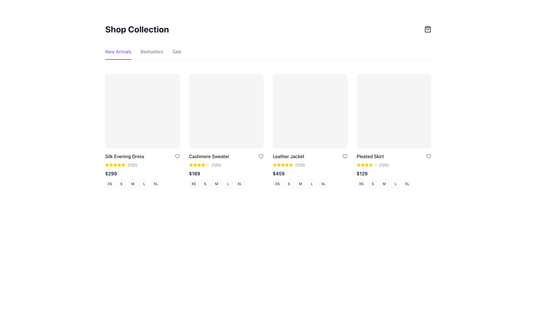 The width and height of the screenshot is (552, 310). Describe the element at coordinates (156, 184) in the screenshot. I see `the XL size button located beneath the 'Silk Evening Dress' item` at that location.